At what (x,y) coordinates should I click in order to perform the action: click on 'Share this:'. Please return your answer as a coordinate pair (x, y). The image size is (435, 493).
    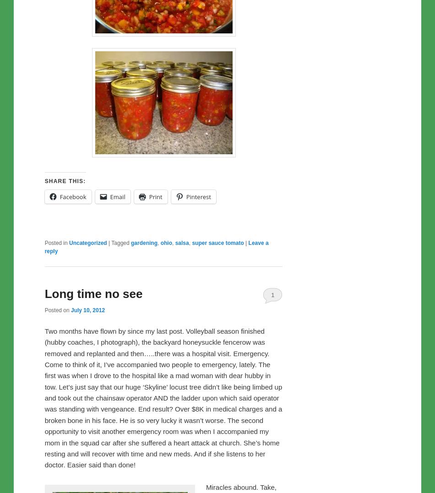
    Looking at the image, I should click on (65, 181).